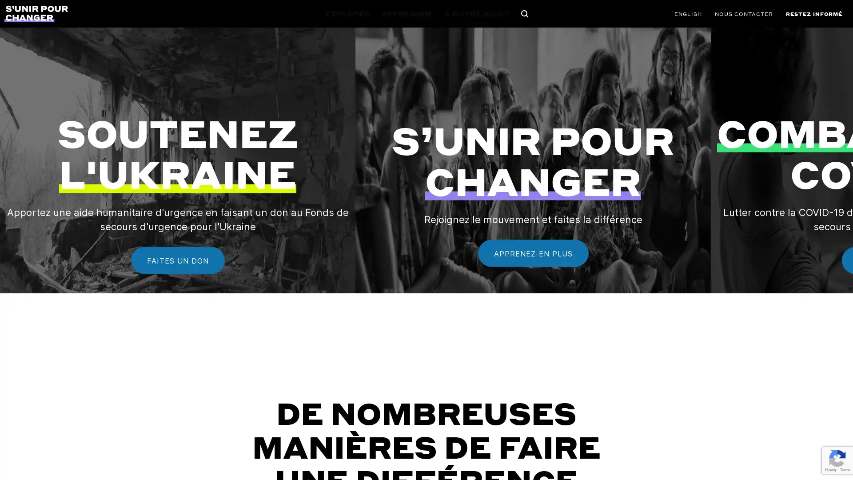 Image resolution: width=853 pixels, height=480 pixels. Describe the element at coordinates (389, 348) in the screenshot. I see `1` at that location.